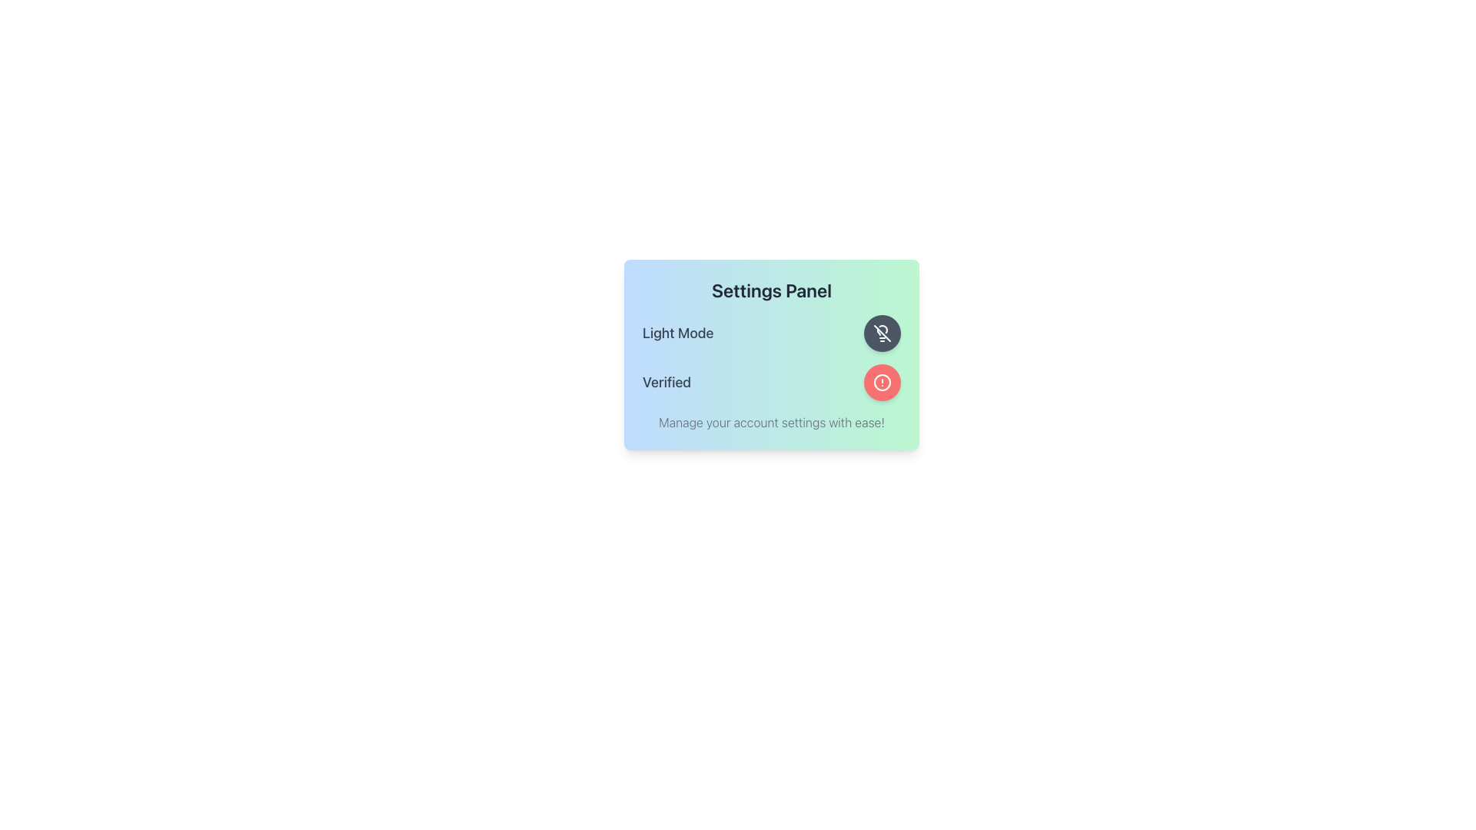 This screenshot has width=1476, height=830. What do you see at coordinates (882, 333) in the screenshot?
I see `the circular gray button with a white lightbulb icon` at bounding box center [882, 333].